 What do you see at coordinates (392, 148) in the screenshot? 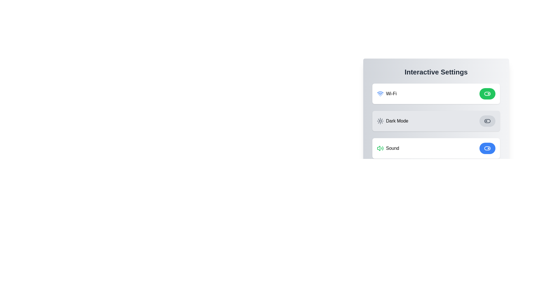
I see `the 'Sound' text label in the 'Interactive Settings' section, which is located between a green sound icon and a toggle button` at bounding box center [392, 148].